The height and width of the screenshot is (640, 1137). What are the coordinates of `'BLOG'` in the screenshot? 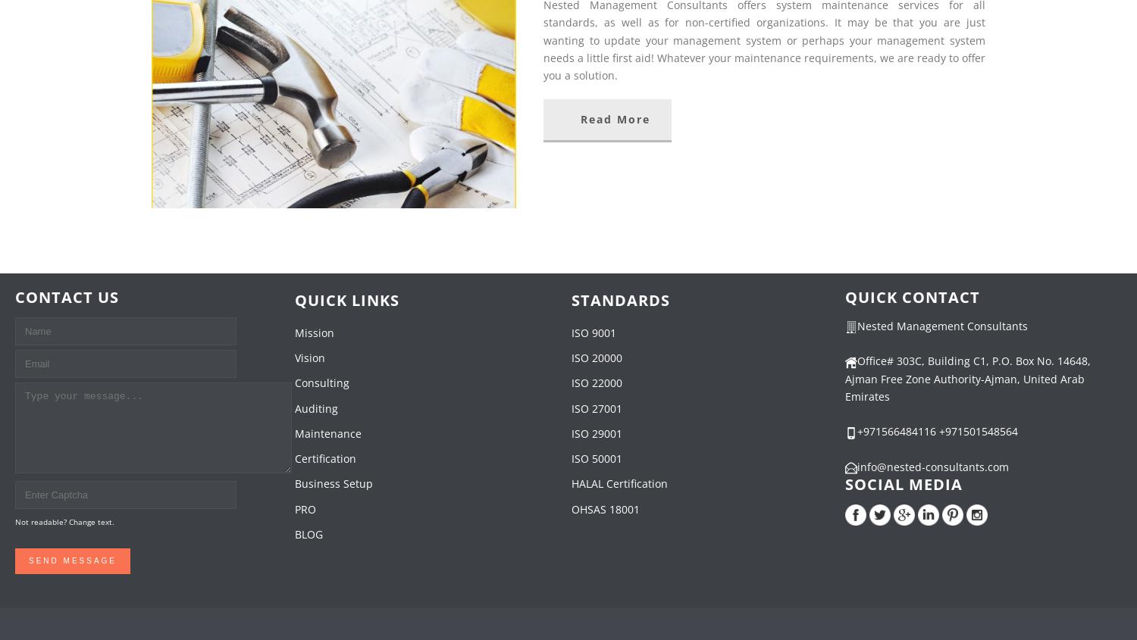 It's located at (294, 532).